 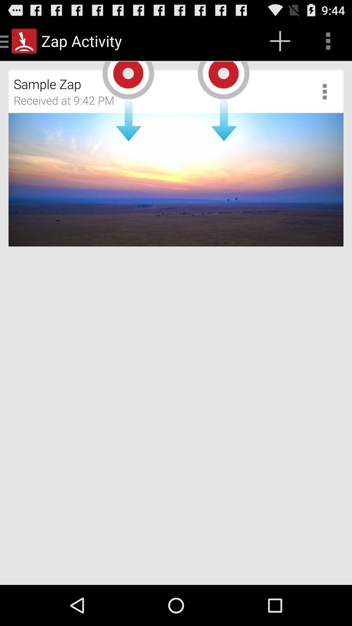 I want to click on the received at 9 item, so click(x=68, y=102).